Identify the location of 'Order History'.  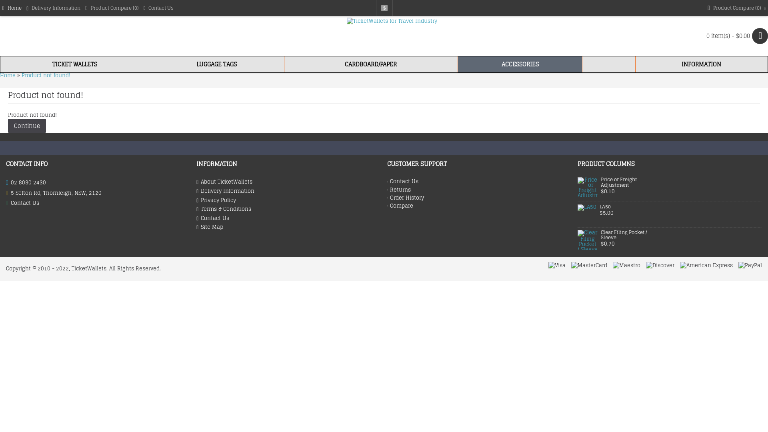
(479, 198).